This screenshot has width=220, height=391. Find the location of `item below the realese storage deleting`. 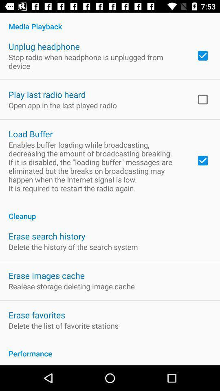

item below the realese storage deleting is located at coordinates (36, 314).